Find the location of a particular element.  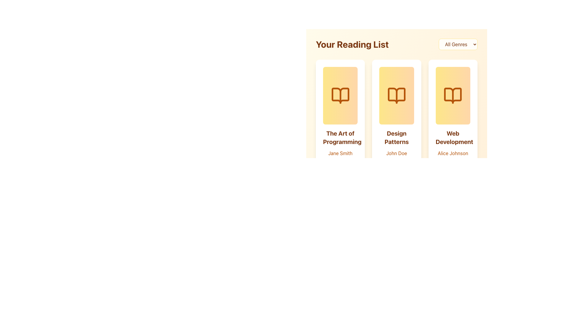

the SVG icon resembling an open book, which is centrally embedded within a rounded rectangular card in the third column of the reading list grid is located at coordinates (453, 95).